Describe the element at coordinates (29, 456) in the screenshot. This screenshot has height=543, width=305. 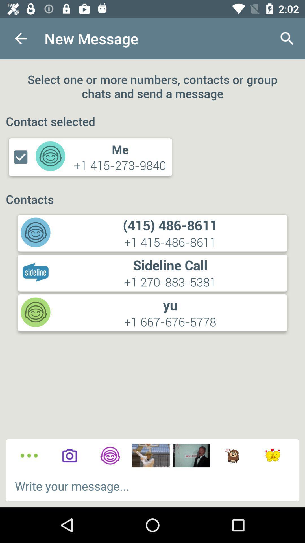
I see `more options` at that location.